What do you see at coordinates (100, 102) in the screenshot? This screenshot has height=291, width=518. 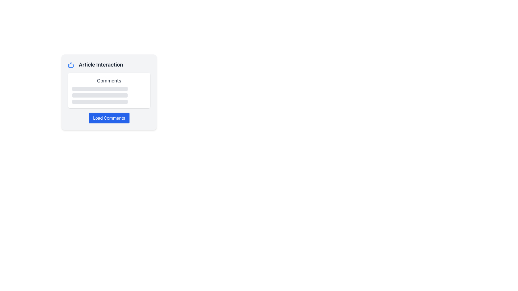 I see `the third gray horizontal bar with rounded corners in the 'Comments' card, which is part of the 'Article Interaction' section` at bounding box center [100, 102].